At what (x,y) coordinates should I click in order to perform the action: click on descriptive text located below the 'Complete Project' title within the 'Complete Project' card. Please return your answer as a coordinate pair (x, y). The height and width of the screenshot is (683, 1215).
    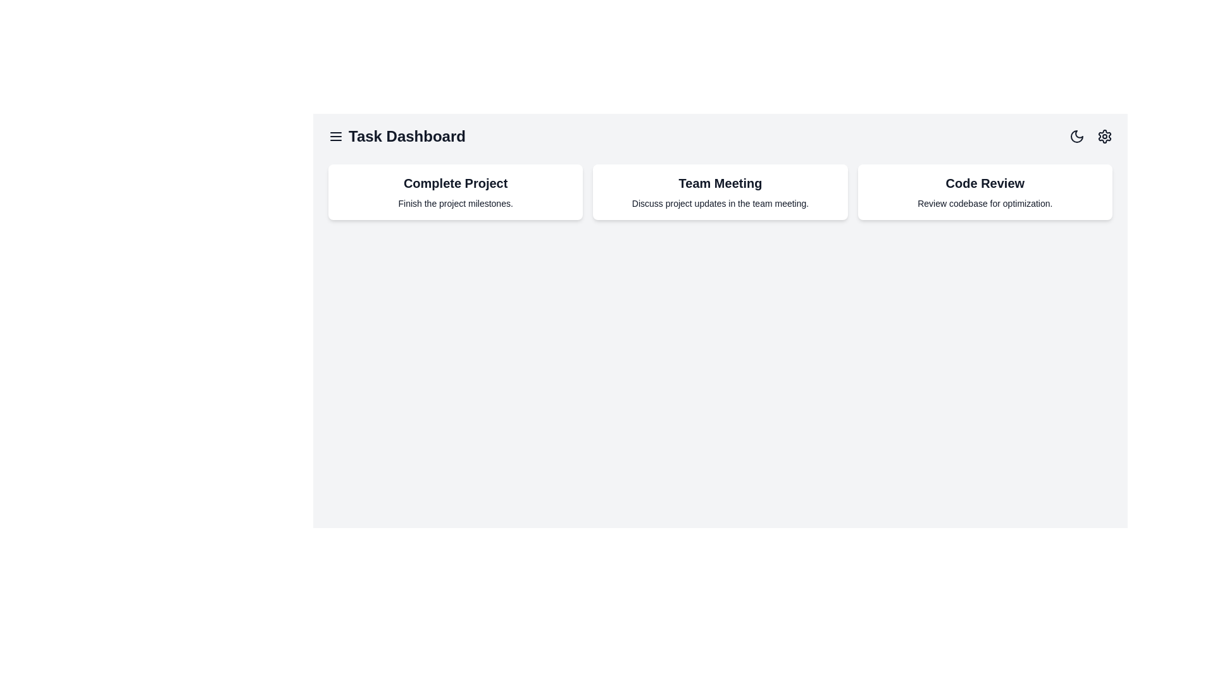
    Looking at the image, I should click on (456, 202).